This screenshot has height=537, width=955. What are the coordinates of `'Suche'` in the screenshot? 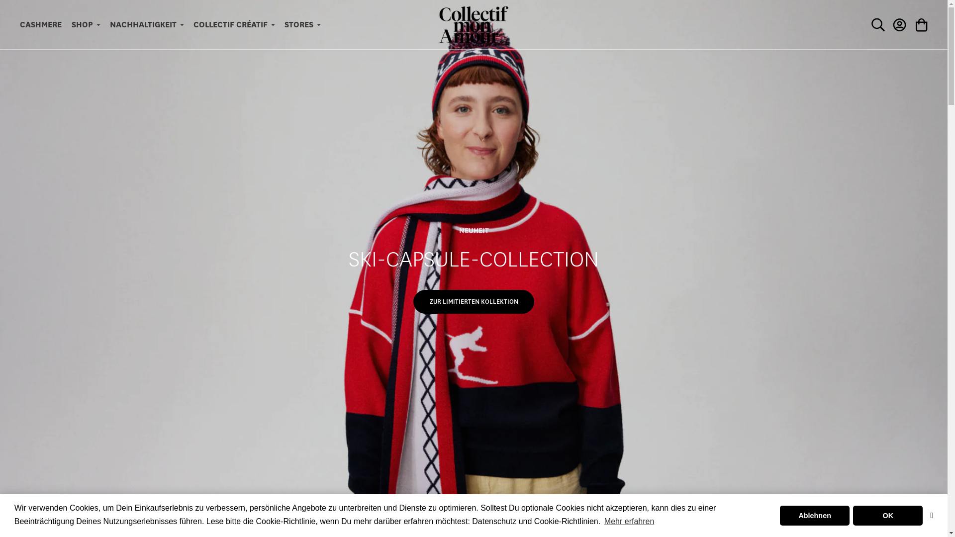 It's located at (878, 24).